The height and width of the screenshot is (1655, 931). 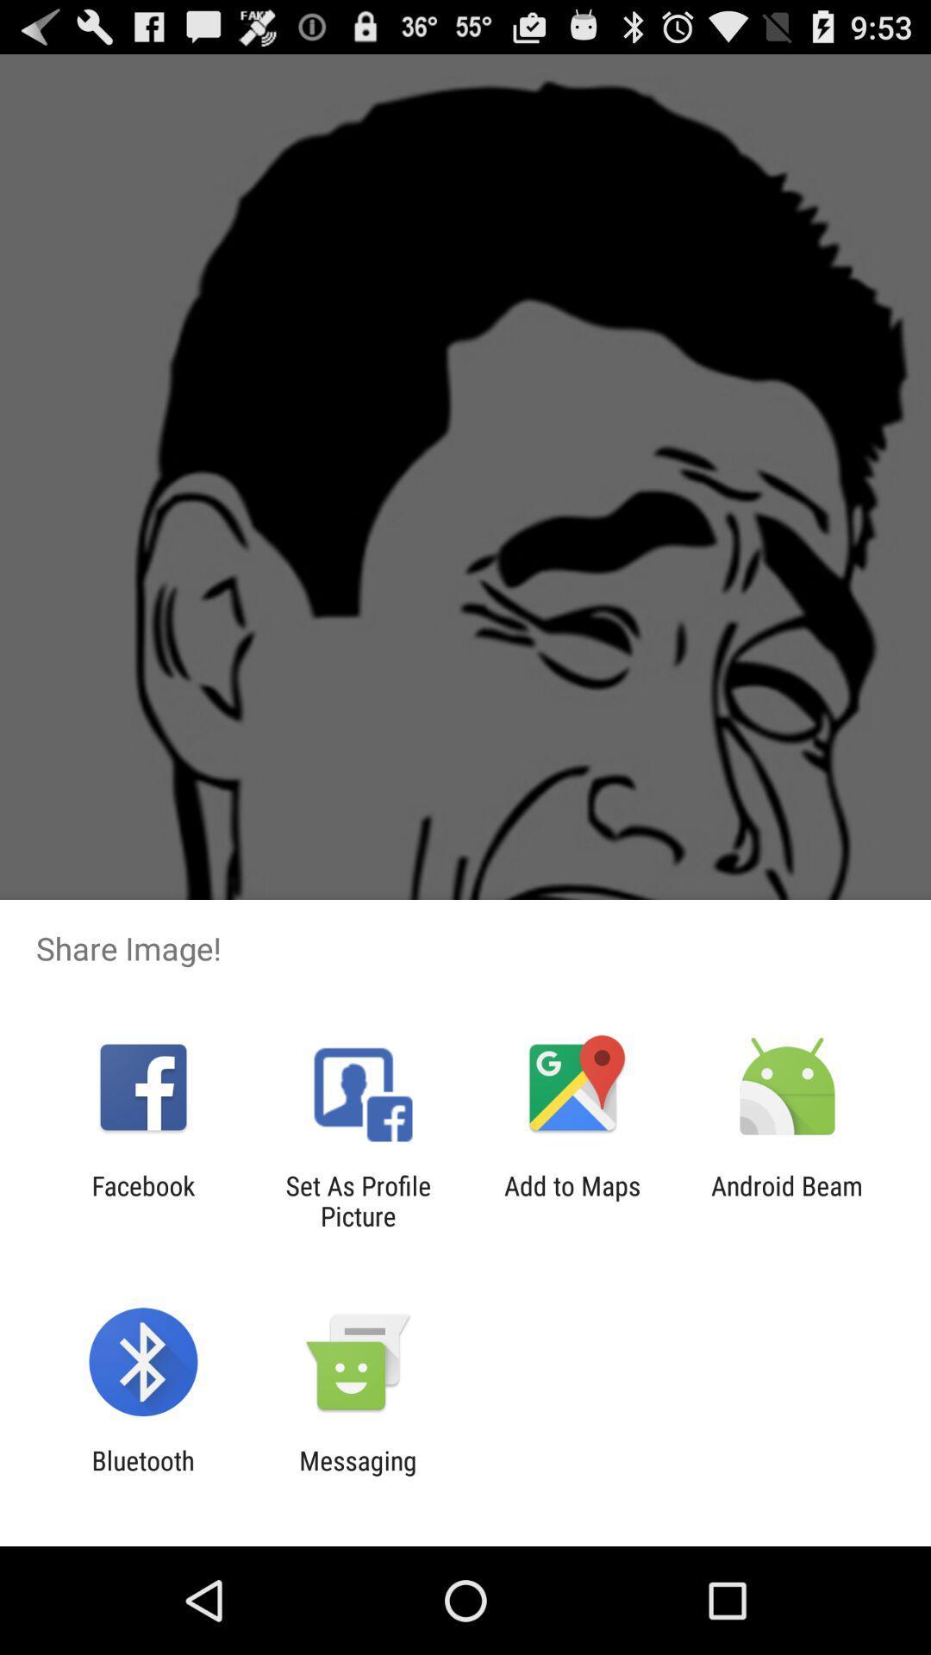 What do you see at coordinates (357, 1200) in the screenshot?
I see `item next to facebook app` at bounding box center [357, 1200].